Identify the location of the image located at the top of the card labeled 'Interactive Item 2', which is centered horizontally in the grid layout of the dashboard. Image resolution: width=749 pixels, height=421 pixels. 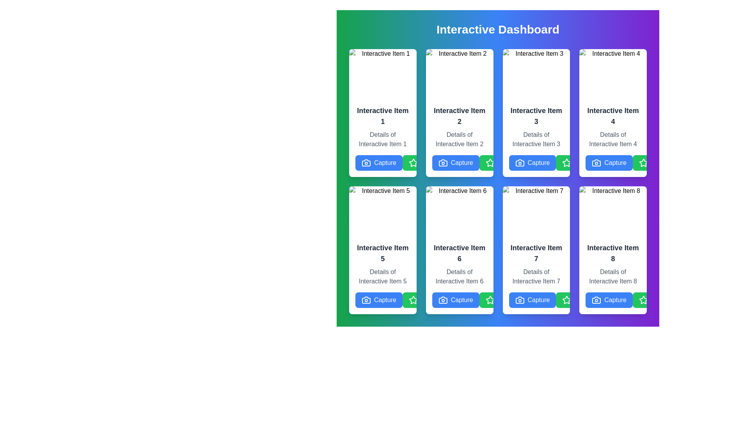
(460, 74).